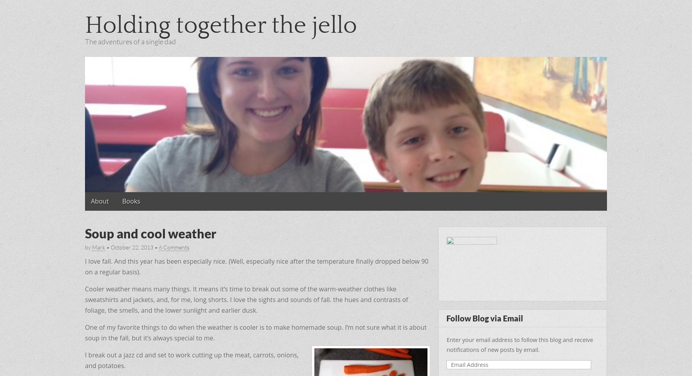  Describe the element at coordinates (255, 332) in the screenshot. I see `'One of my favorite things to do when the weather is cooler is to make homemade soup. I’m not sure what it is about soup in the fall, but it’s always special to me.'` at that location.